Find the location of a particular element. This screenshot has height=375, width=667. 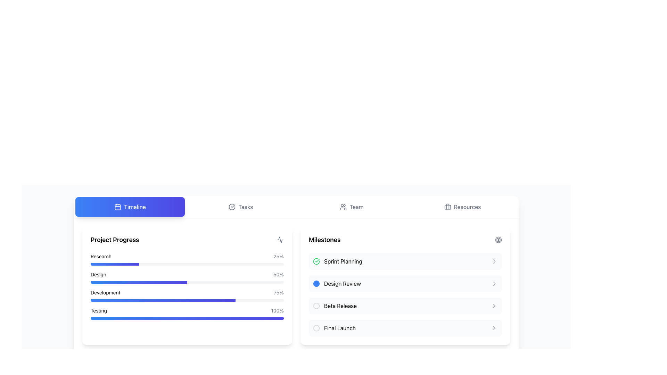

the Navigation chevron icon located in the 'Milestones' section, which is positioned to the far right of the 'Design Review' milestone entry is located at coordinates (494, 284).